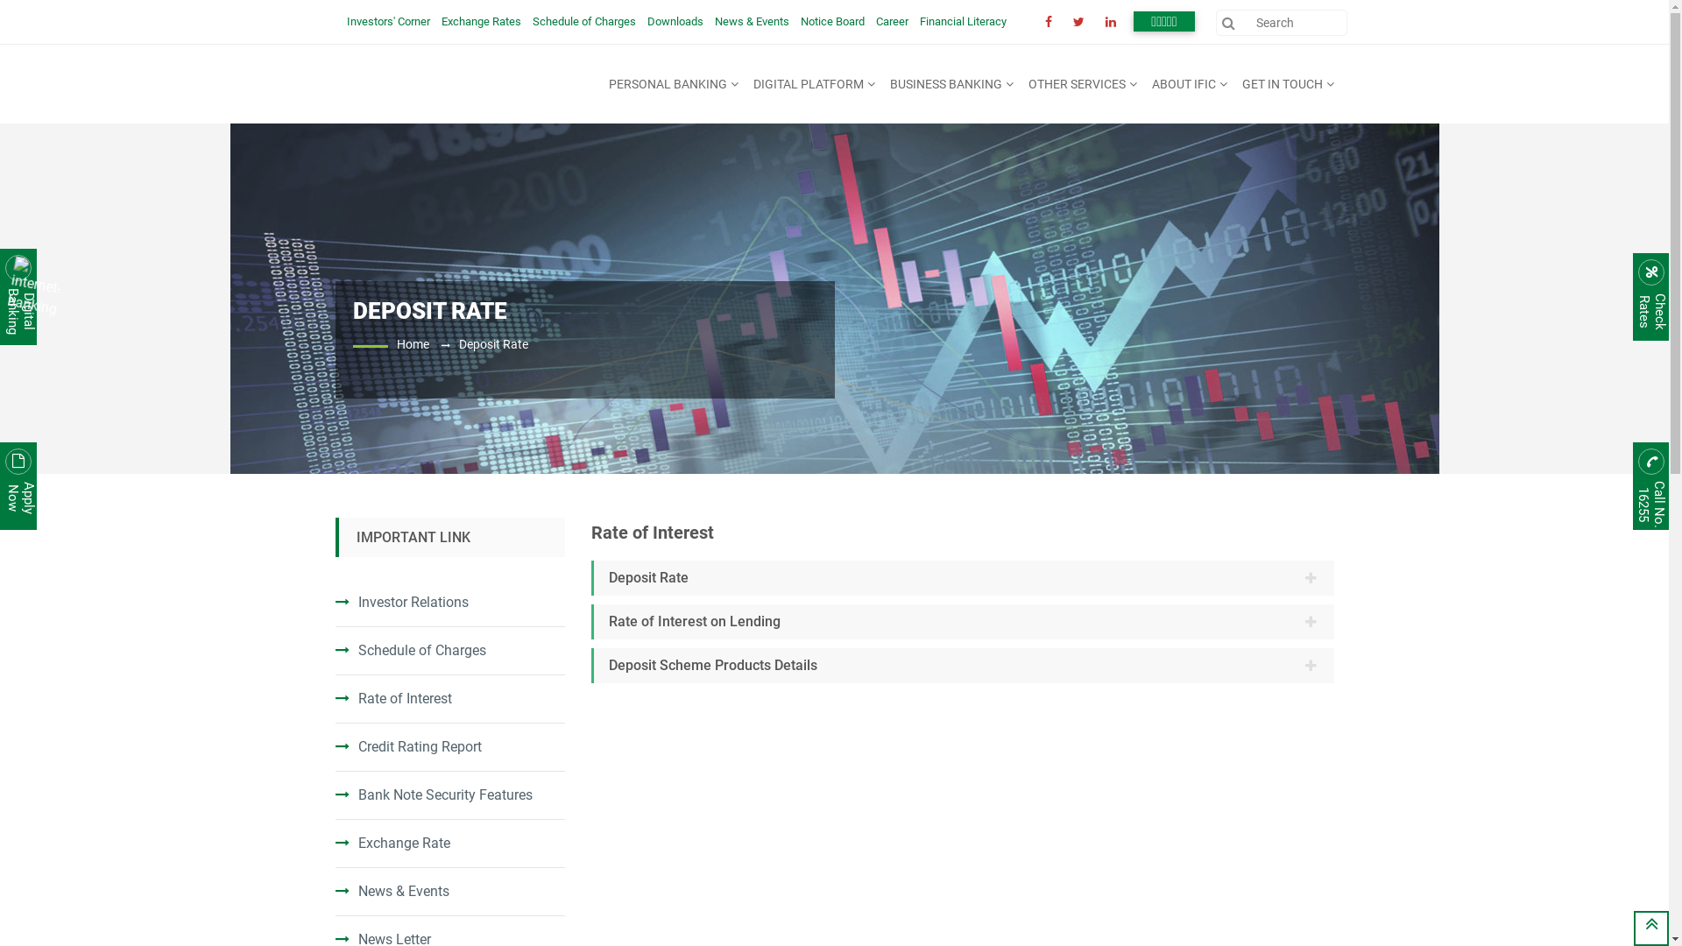 Image resolution: width=1682 pixels, height=946 pixels. I want to click on 'Schedule of Charges', so click(532, 21).